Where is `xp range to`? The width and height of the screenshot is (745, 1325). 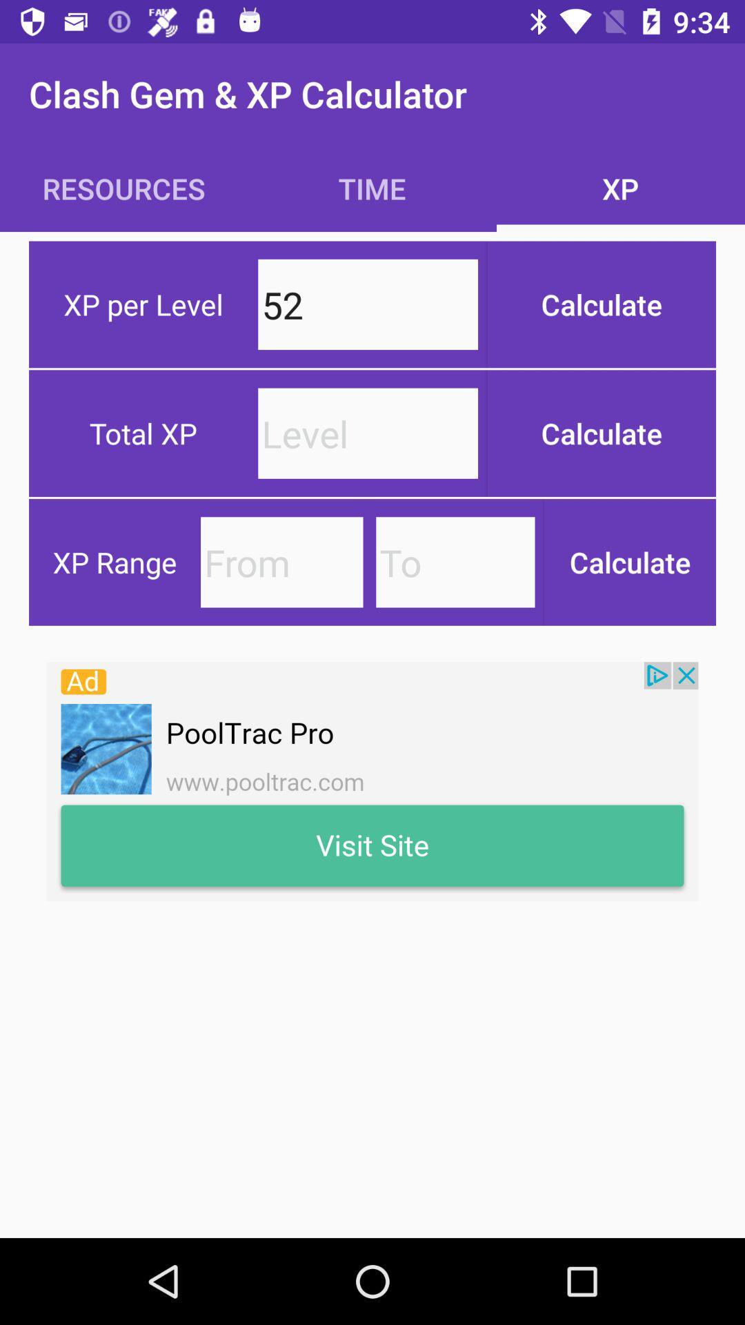 xp range to is located at coordinates (455, 562).